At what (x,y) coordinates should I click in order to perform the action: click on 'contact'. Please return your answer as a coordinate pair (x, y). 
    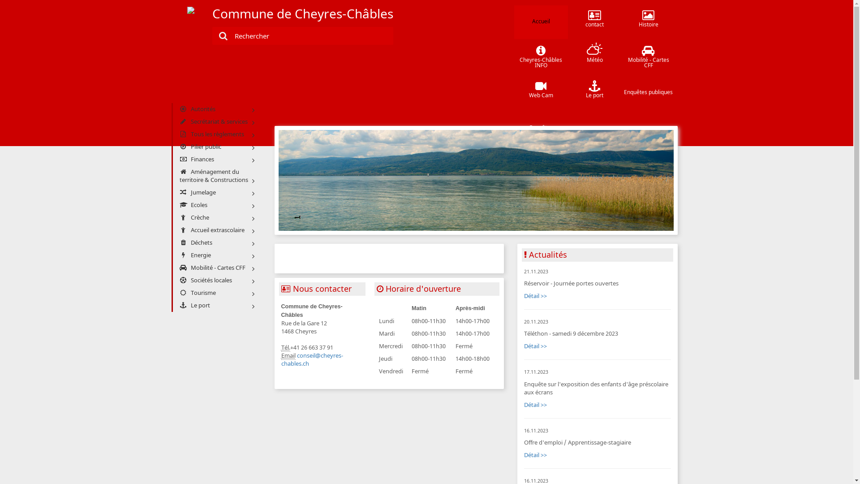
    Looking at the image, I should click on (595, 22).